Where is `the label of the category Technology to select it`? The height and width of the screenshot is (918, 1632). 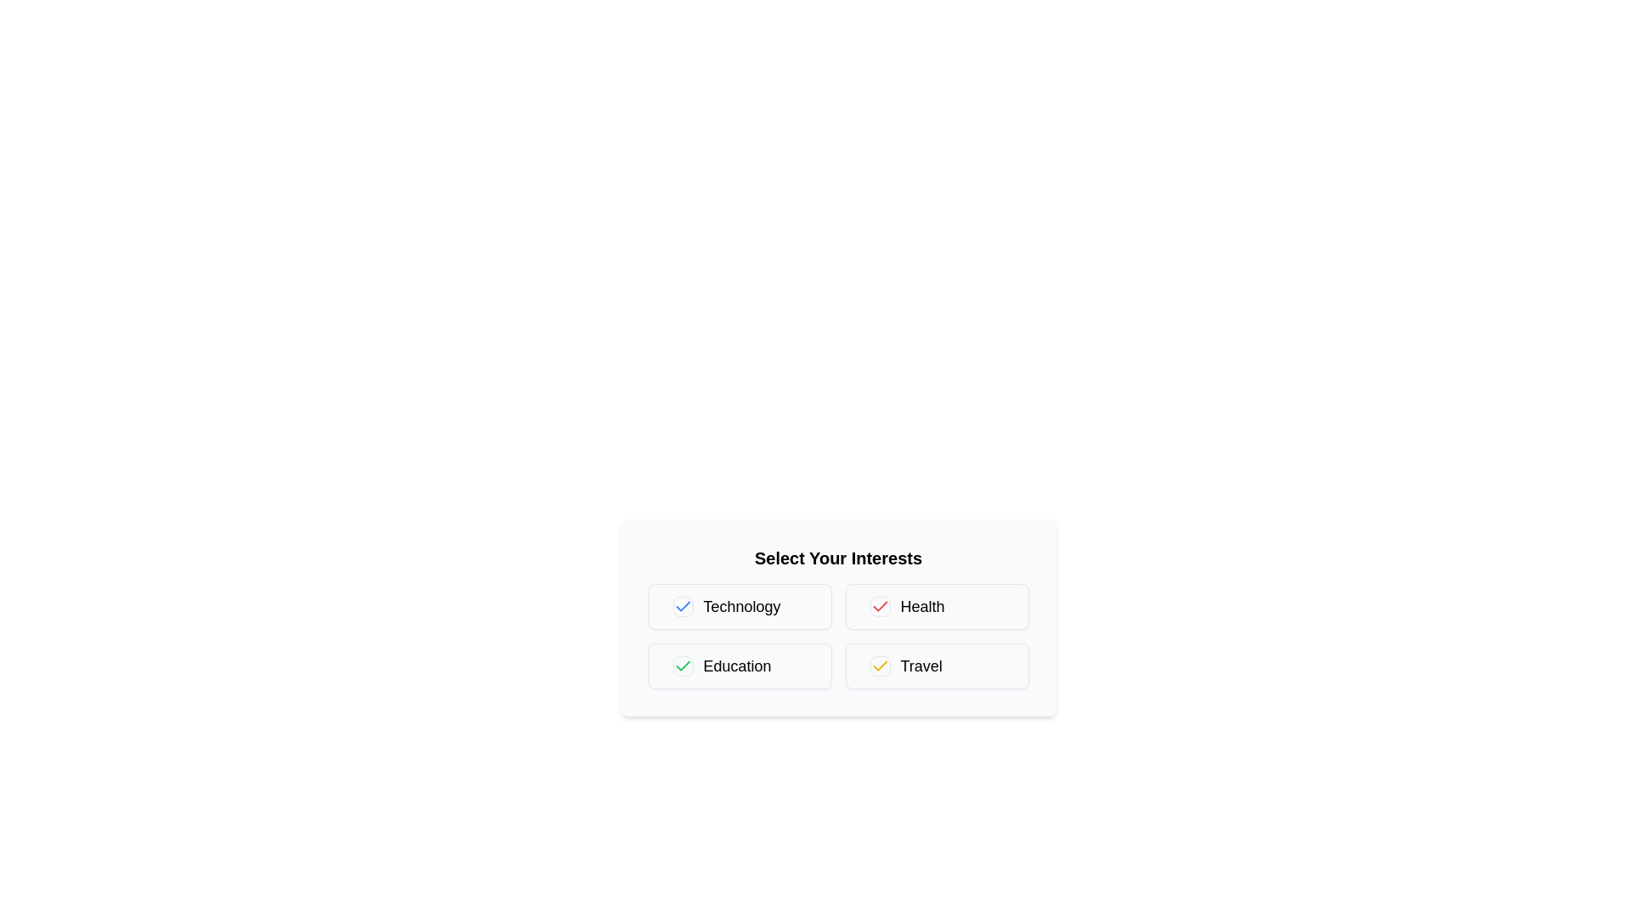 the label of the category Technology to select it is located at coordinates (739, 605).